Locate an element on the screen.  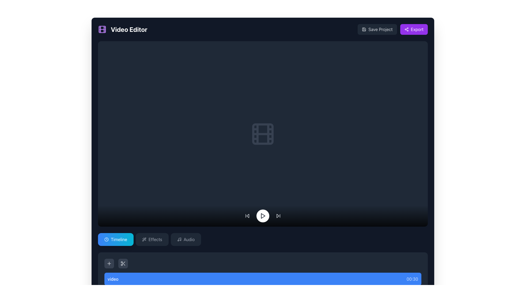
the 'Export' button which contains the 'Share' icon, located at the top-right corner of the interface is located at coordinates (406, 29).